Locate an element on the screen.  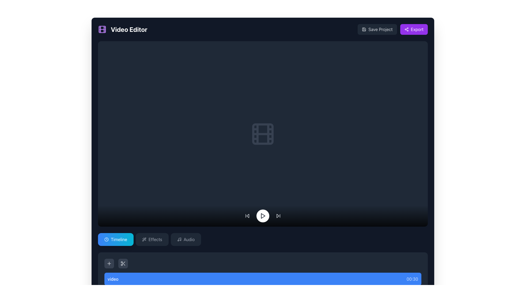
the 'Export' button which contains the 'Share' icon, located at the top-right corner of the interface is located at coordinates (406, 29).